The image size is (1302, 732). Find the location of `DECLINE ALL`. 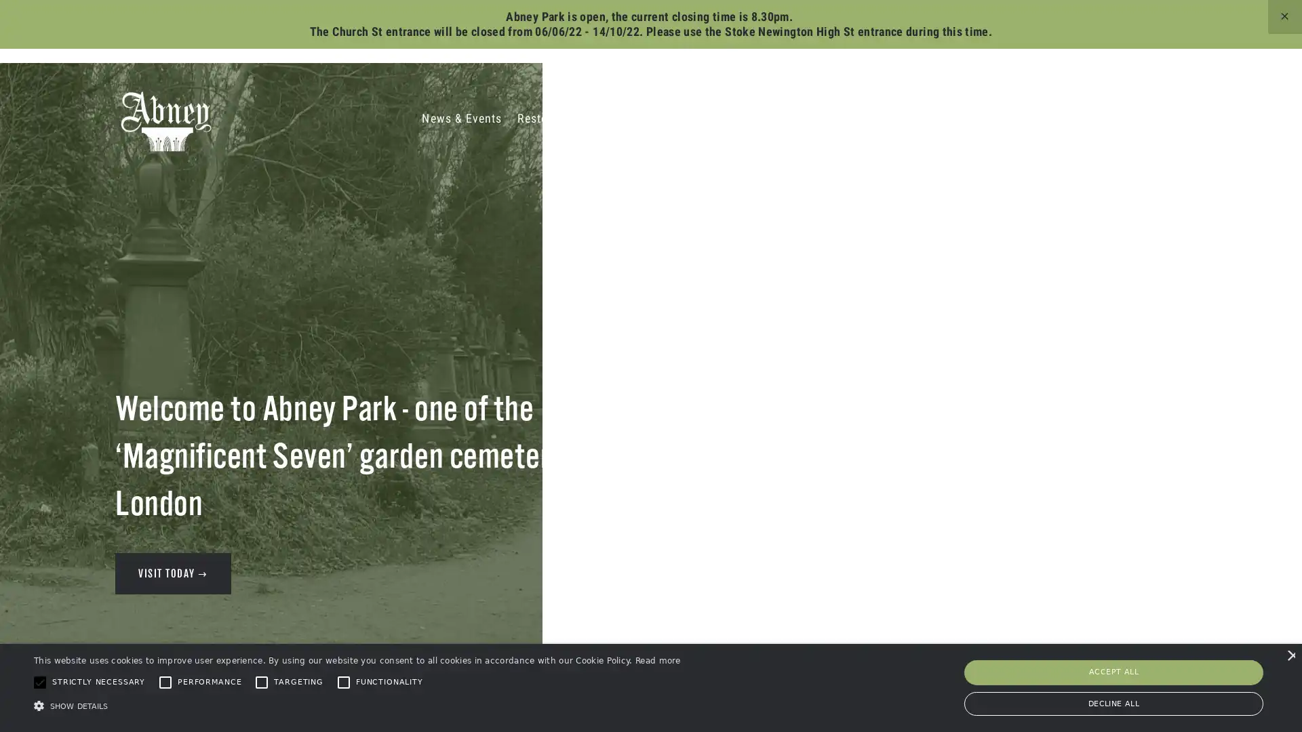

DECLINE ALL is located at coordinates (1113, 702).